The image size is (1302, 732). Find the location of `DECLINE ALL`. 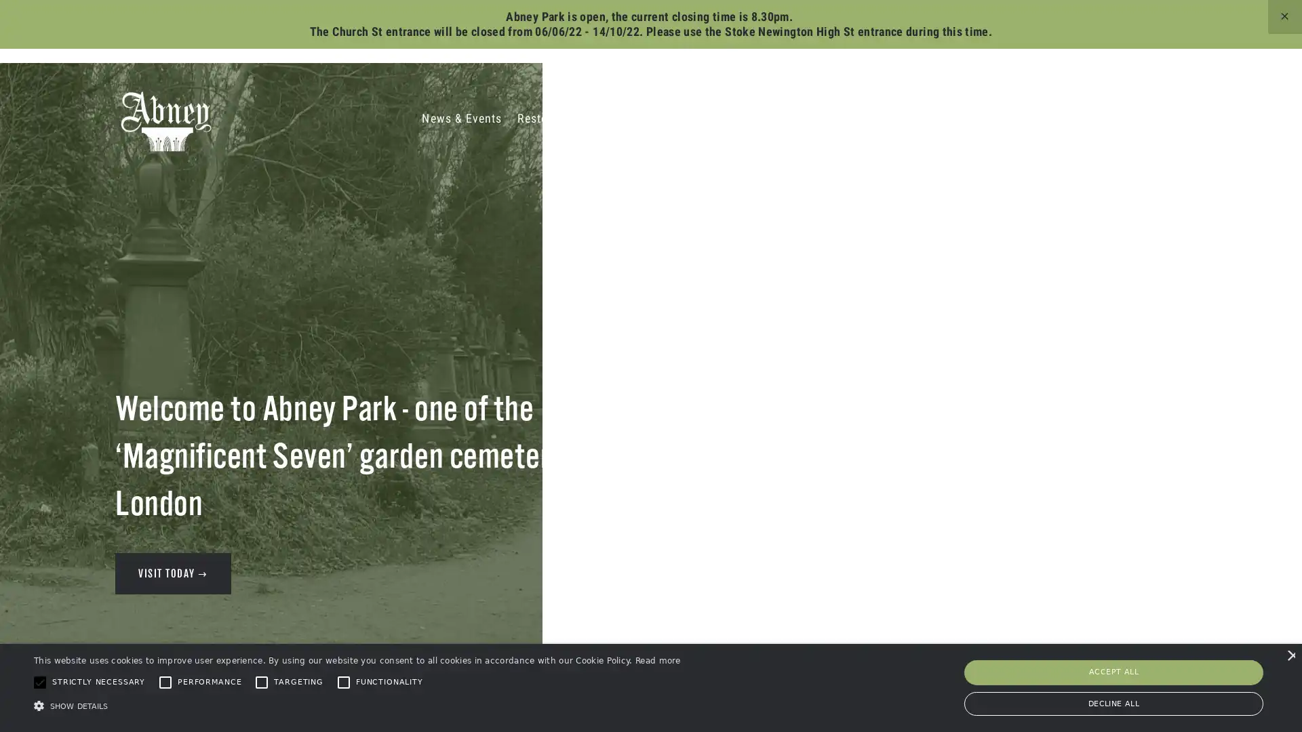

DECLINE ALL is located at coordinates (1113, 702).